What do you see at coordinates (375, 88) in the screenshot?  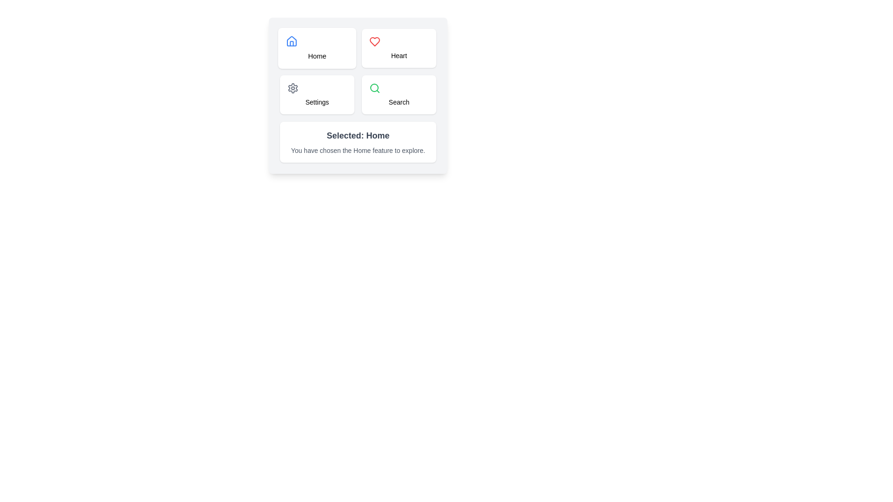 I see `the search icon located in the bottom-right quadrant of the grid layout, specifically within the button labeled 'Search'` at bounding box center [375, 88].